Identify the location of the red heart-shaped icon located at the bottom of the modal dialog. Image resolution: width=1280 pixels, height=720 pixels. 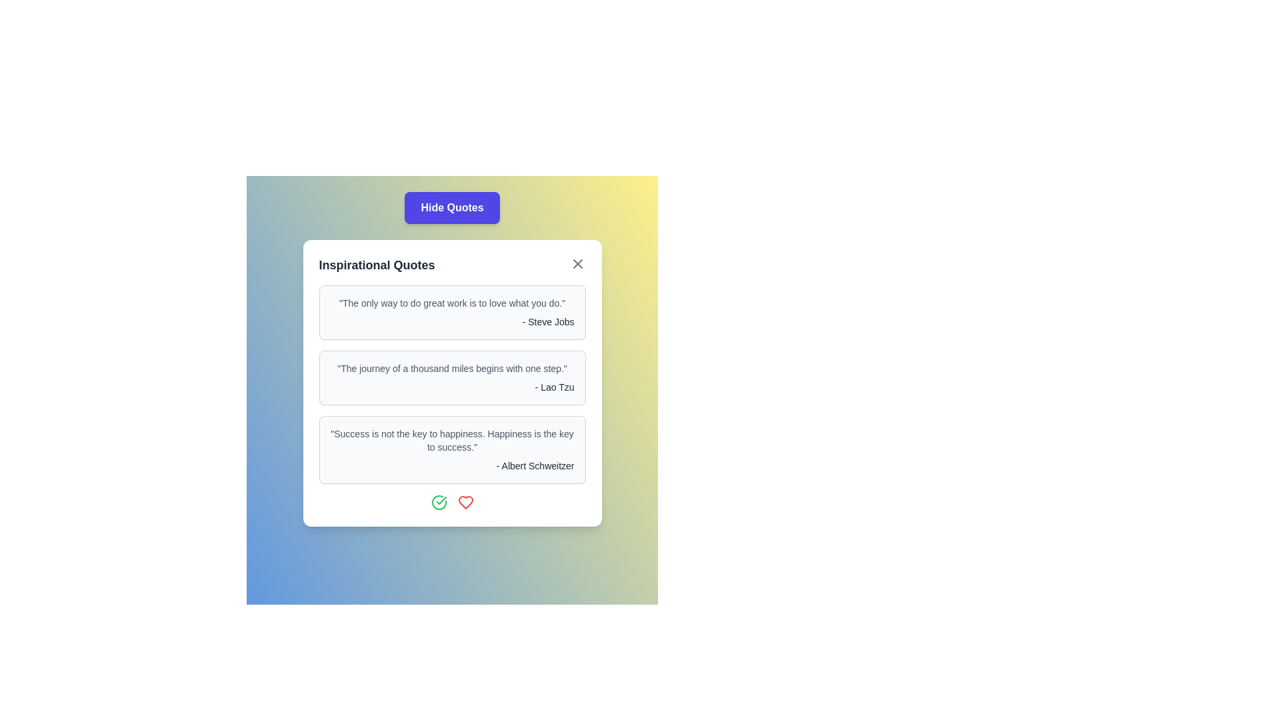
(465, 502).